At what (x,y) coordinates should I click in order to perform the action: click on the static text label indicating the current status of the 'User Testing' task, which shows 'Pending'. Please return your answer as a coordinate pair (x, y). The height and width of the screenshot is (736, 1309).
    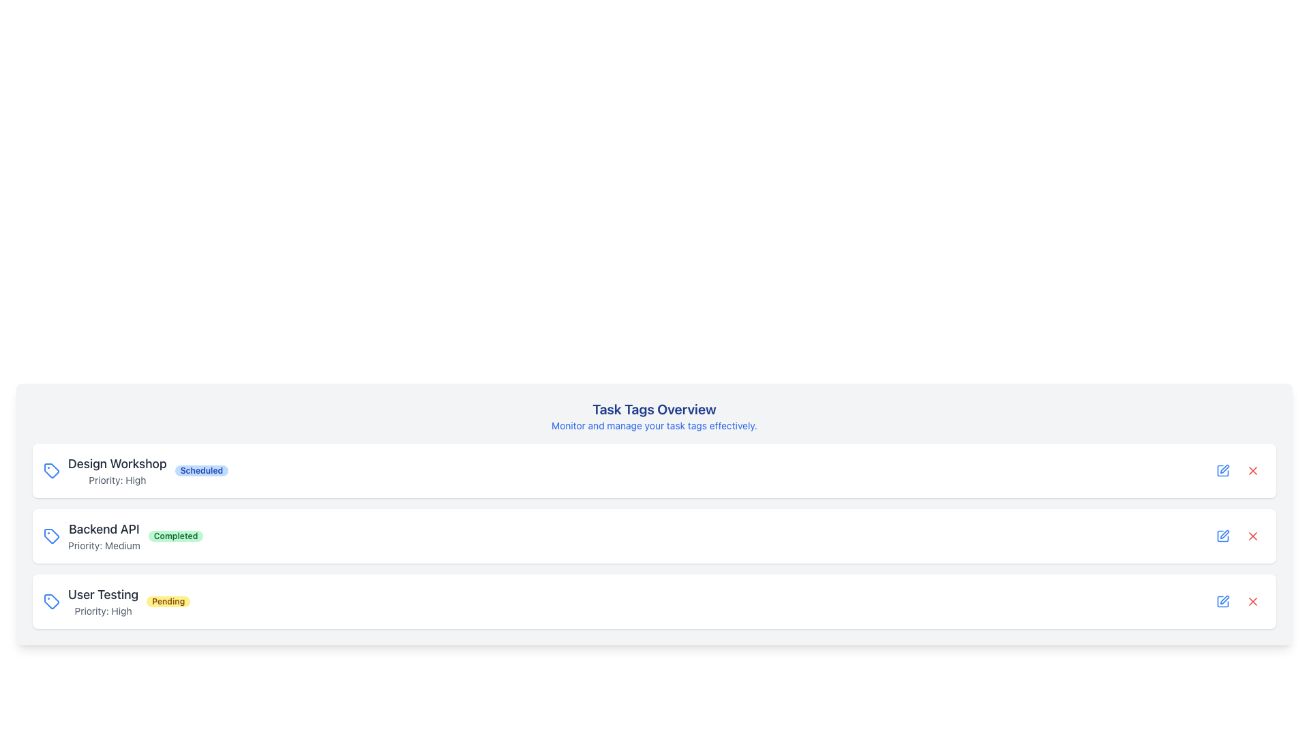
    Looking at the image, I should click on (168, 601).